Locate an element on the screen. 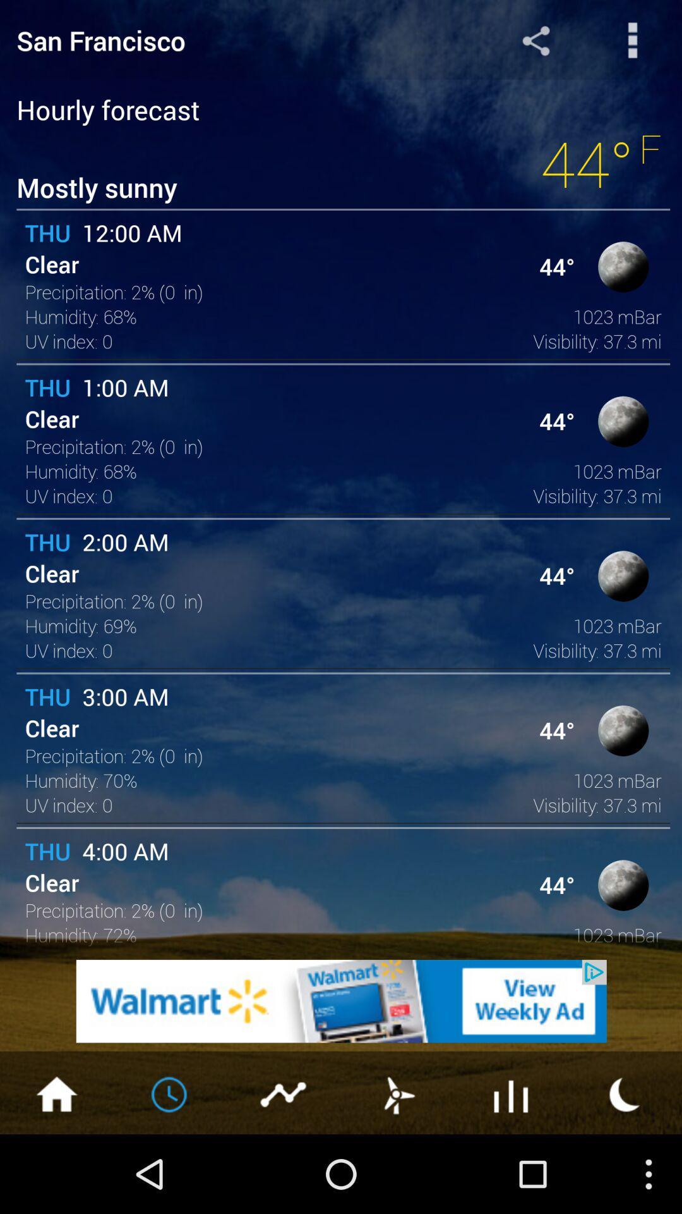 The height and width of the screenshot is (1214, 682). the weather icon is located at coordinates (625, 1169).